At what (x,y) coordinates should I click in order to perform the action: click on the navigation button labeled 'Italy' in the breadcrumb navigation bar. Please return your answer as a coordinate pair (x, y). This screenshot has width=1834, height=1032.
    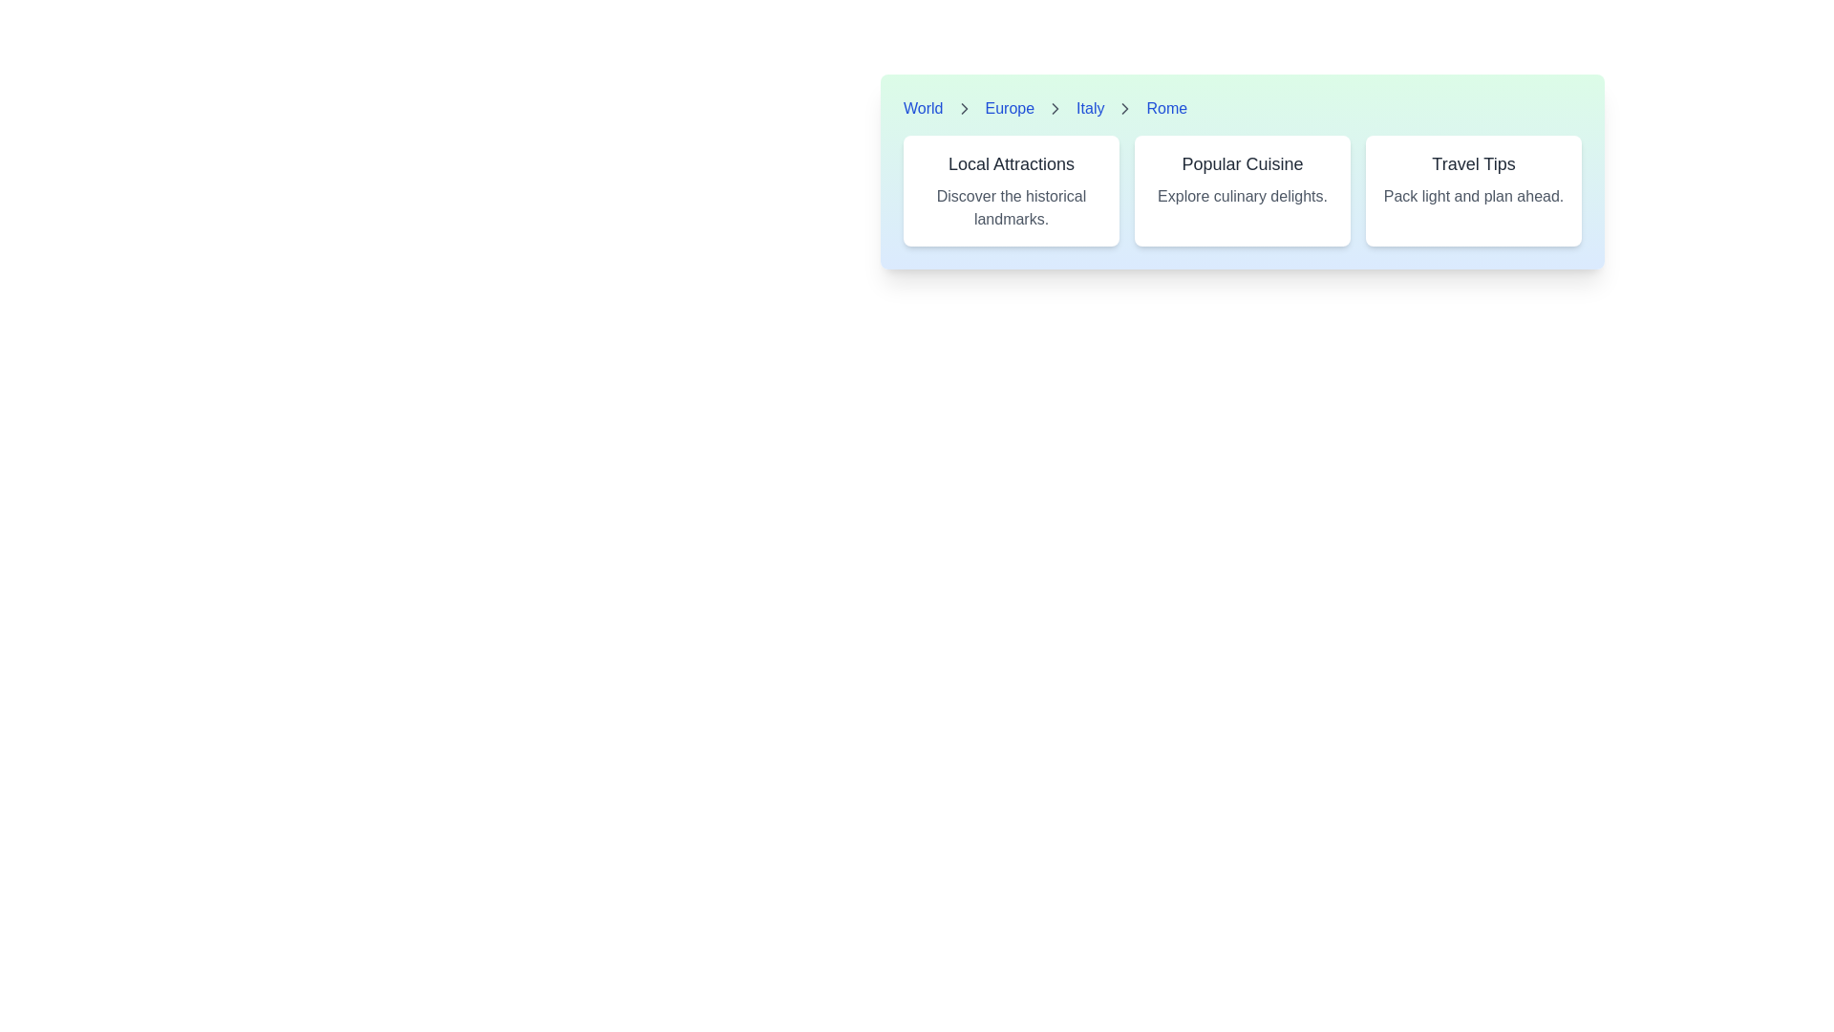
    Looking at the image, I should click on (1090, 109).